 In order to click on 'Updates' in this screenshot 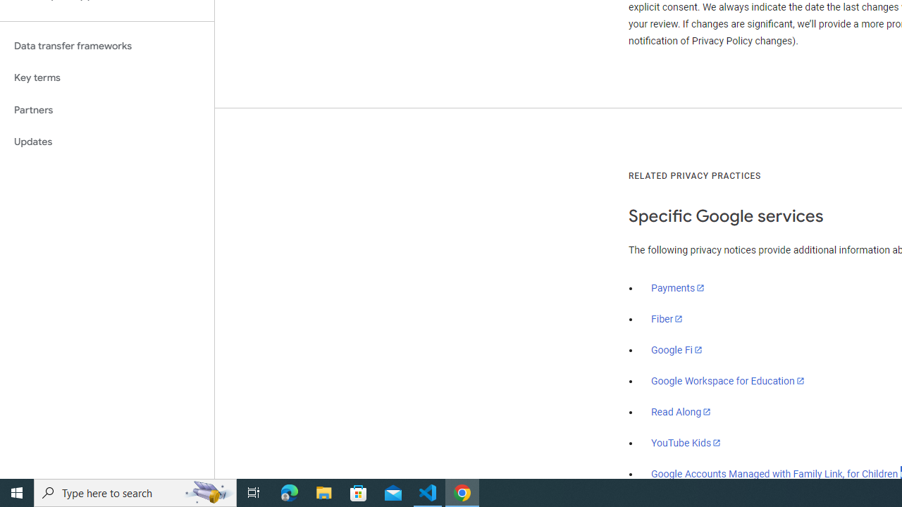, I will do `click(106, 142)`.